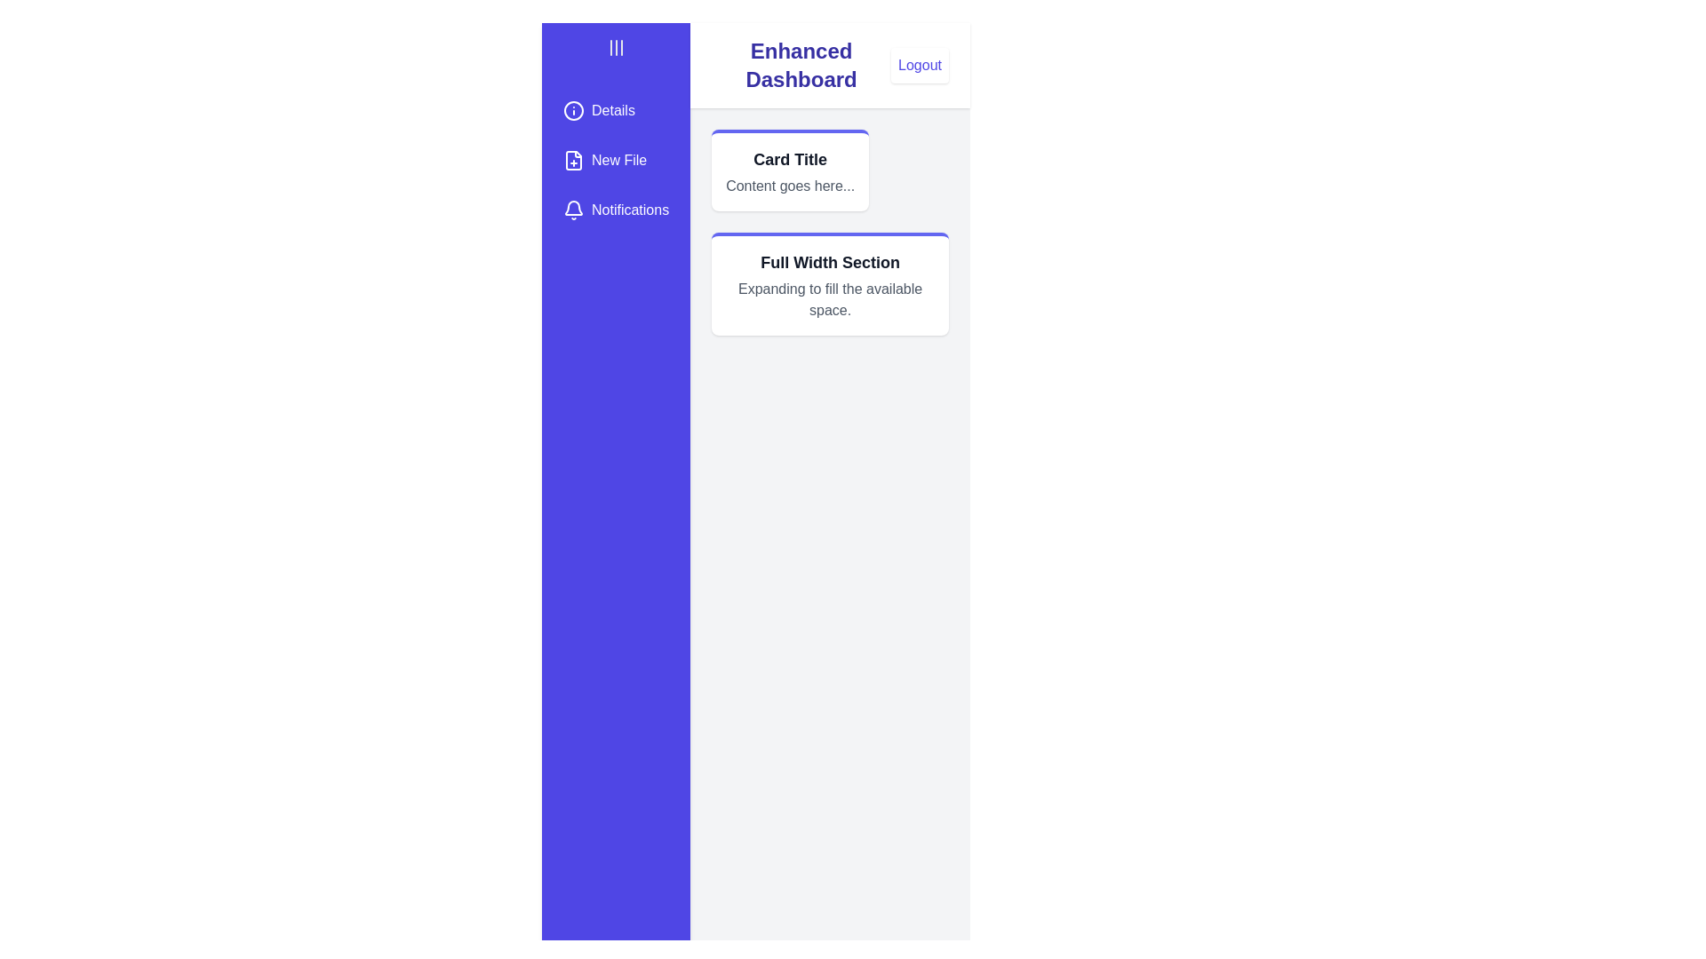 This screenshot has width=1706, height=959. I want to click on the 'Logout' button located in the top-right corner of the header bar to log out, so click(920, 64).